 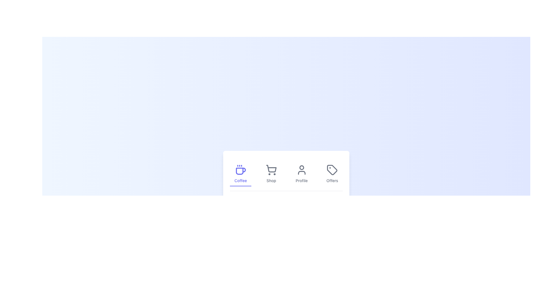 I want to click on the shopping cart icon, which is a gray wireframe cart symbol located in the bottom-centered navigation bar, directly below the 'Shop' label, so click(x=271, y=169).